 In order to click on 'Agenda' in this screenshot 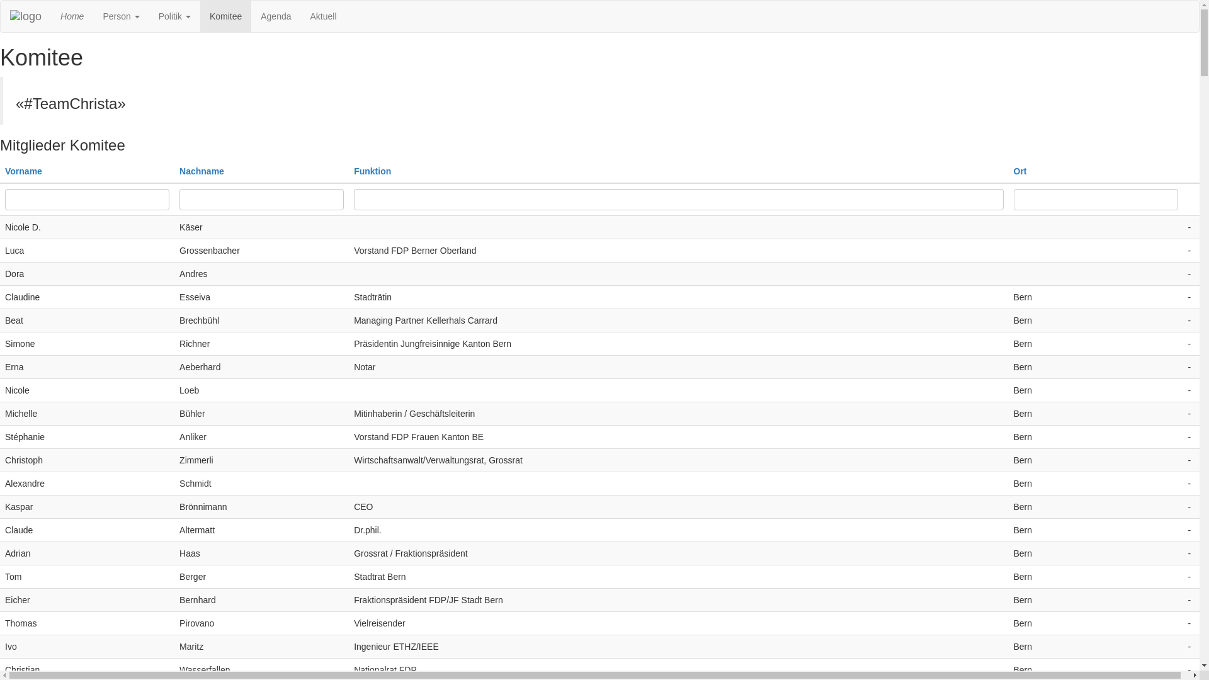, I will do `click(275, 16)`.